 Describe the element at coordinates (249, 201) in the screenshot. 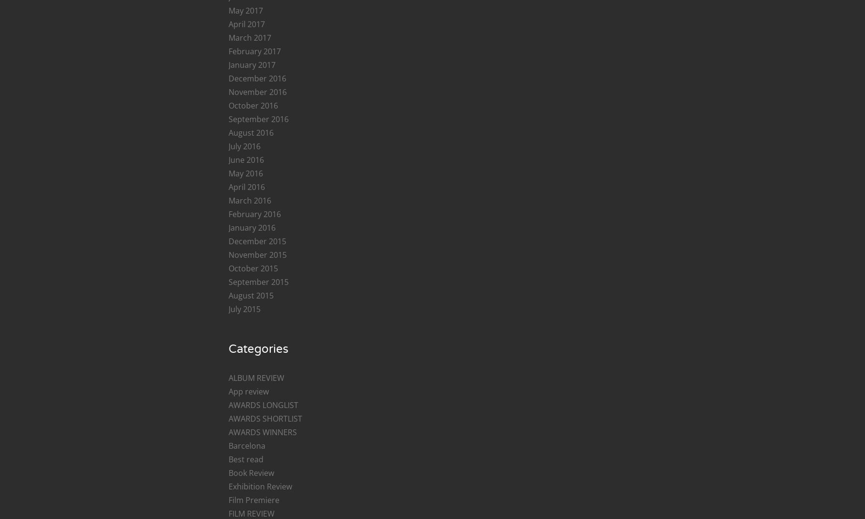

I see `'March 2016'` at that location.